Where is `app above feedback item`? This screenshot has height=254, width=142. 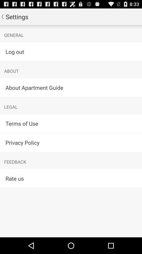
app above feedback item is located at coordinates (71, 142).